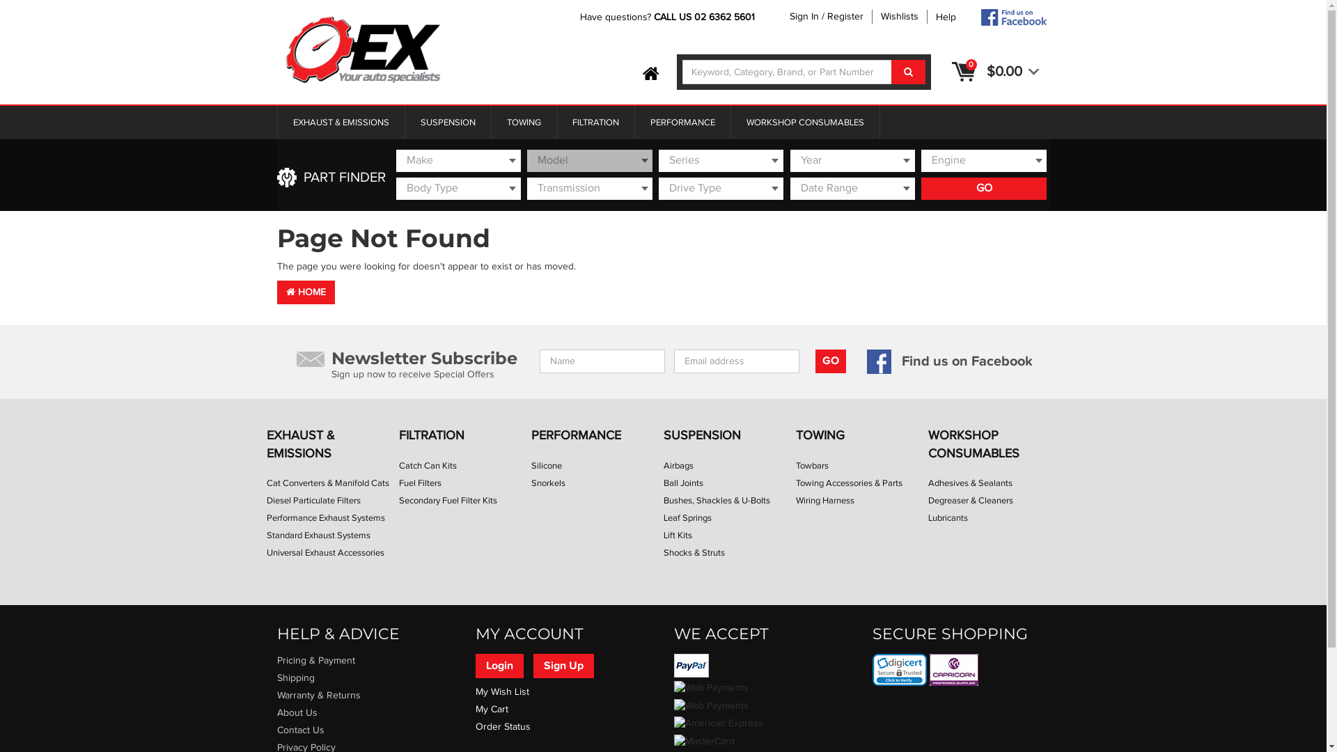 This screenshot has height=752, width=1337. I want to click on 'Fuel Filters', so click(419, 483).